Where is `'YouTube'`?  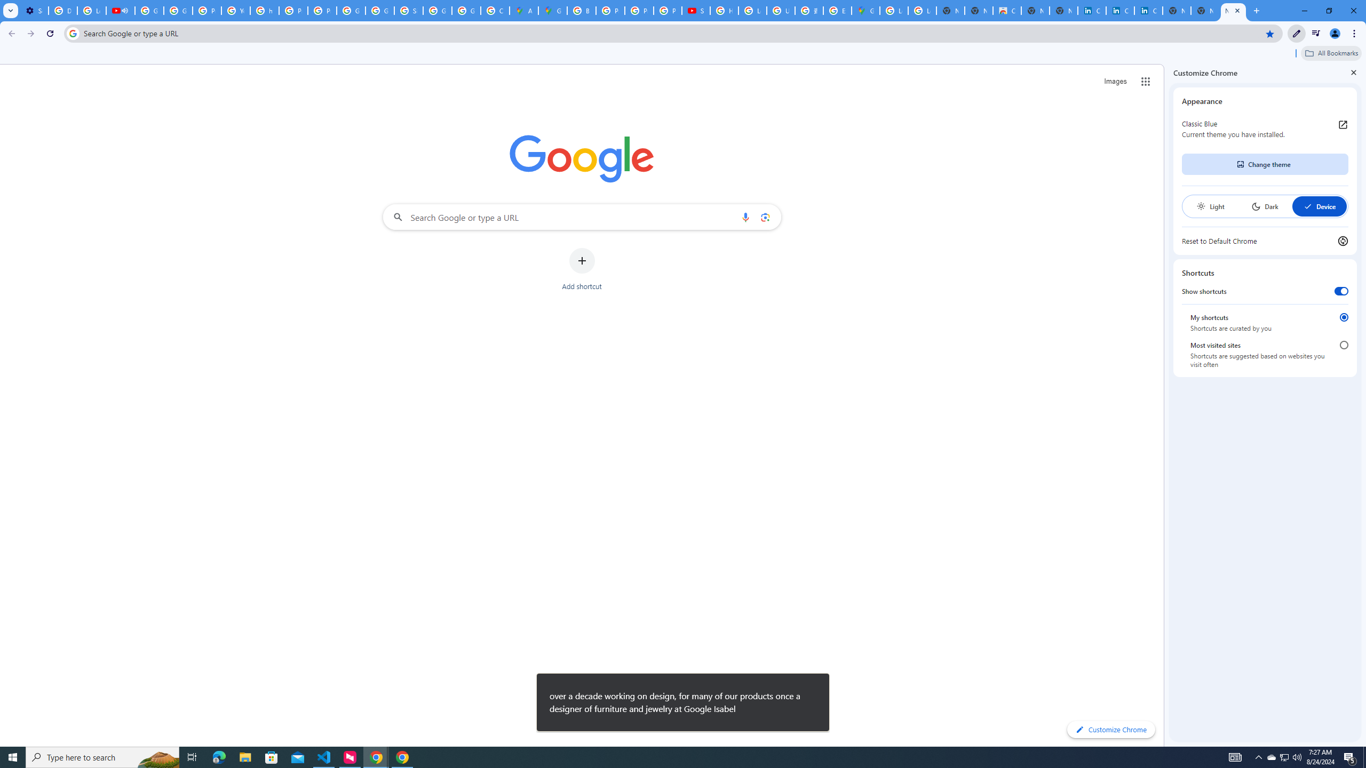
'YouTube' is located at coordinates (235, 10).